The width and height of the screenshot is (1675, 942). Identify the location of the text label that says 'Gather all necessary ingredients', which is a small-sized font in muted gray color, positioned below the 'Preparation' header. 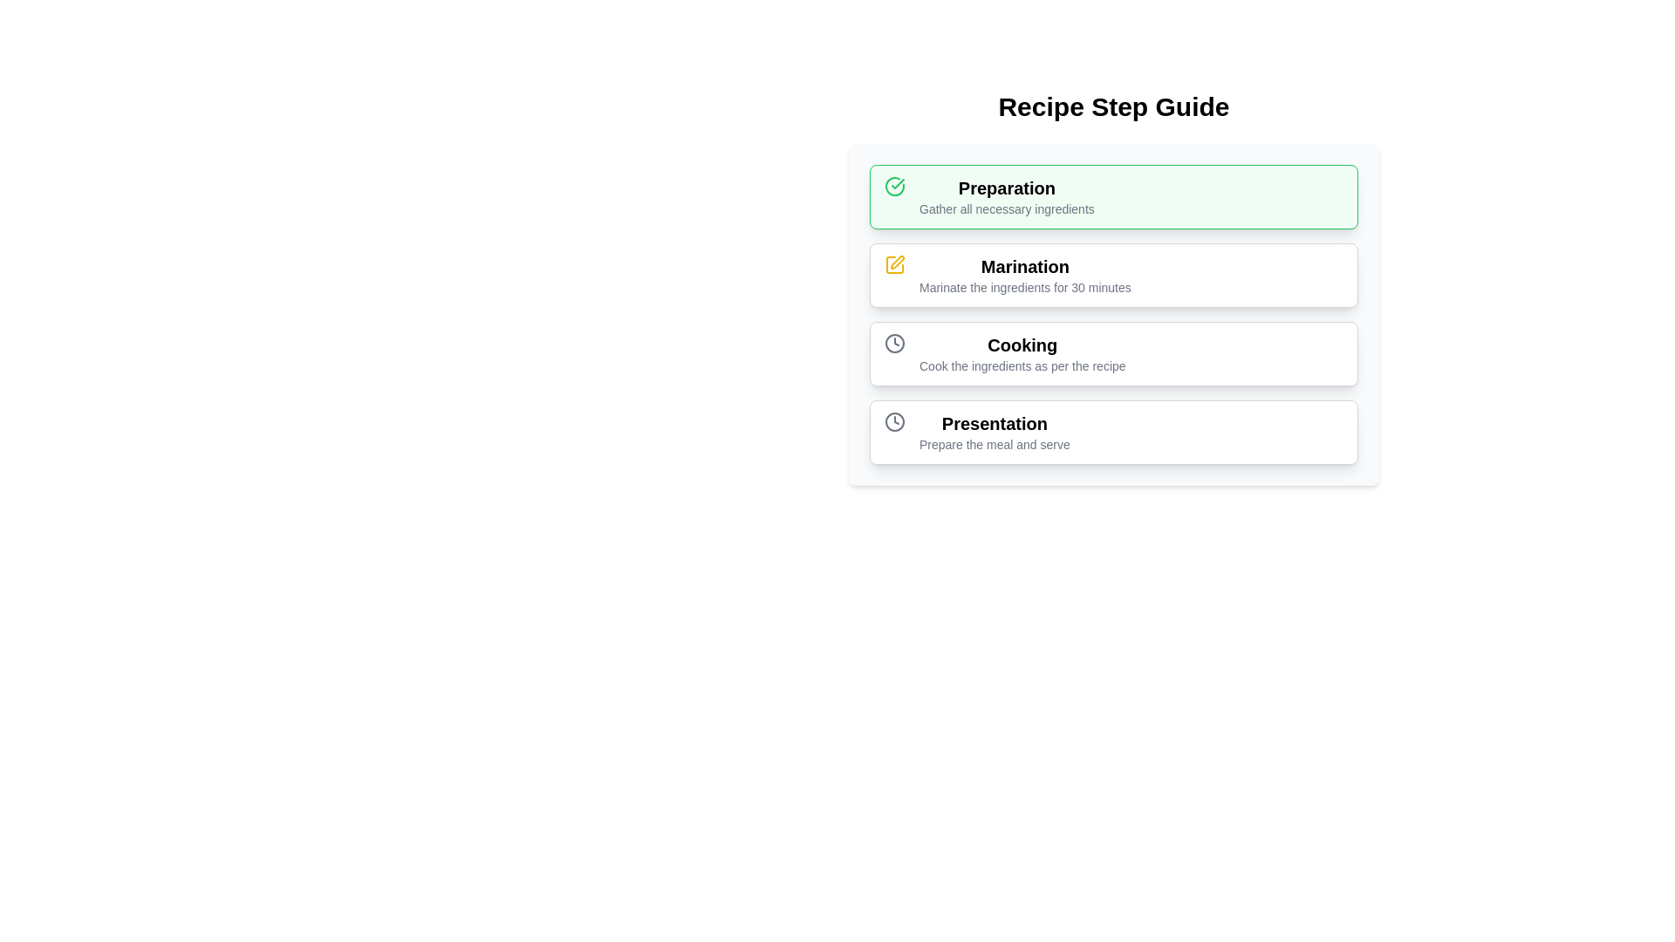
(1007, 208).